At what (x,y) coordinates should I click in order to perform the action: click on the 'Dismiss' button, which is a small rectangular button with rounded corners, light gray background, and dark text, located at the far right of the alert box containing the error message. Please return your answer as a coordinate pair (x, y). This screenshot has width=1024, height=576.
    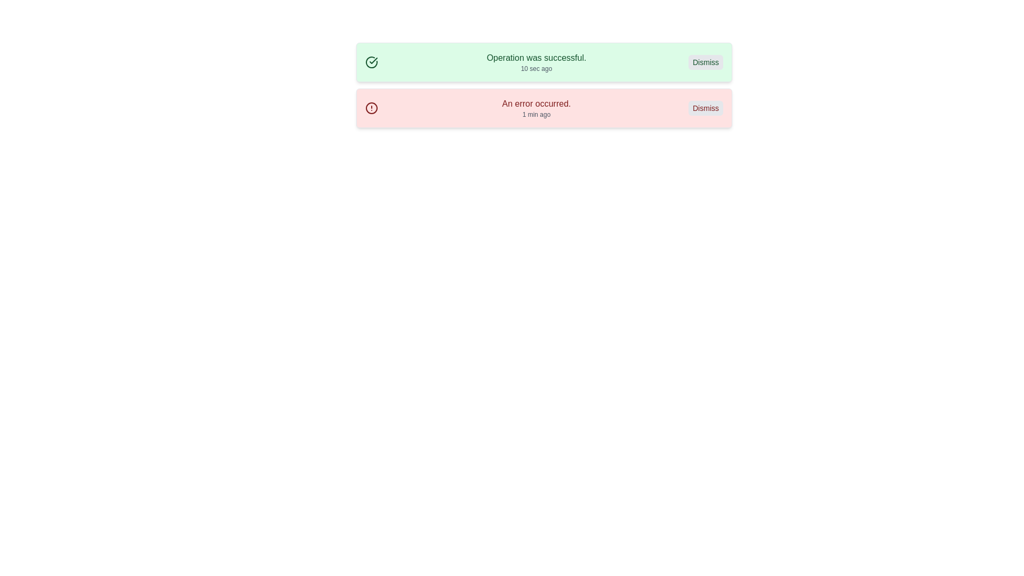
    Looking at the image, I should click on (706, 108).